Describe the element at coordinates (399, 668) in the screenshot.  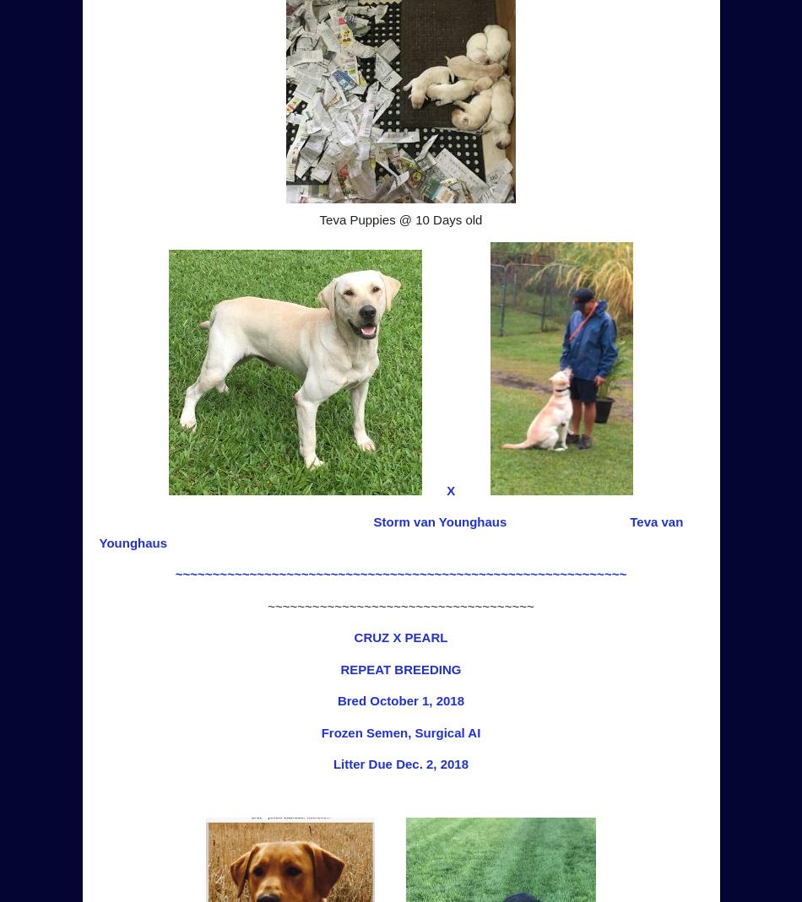
I see `'REPEAT BREEDING'` at that location.